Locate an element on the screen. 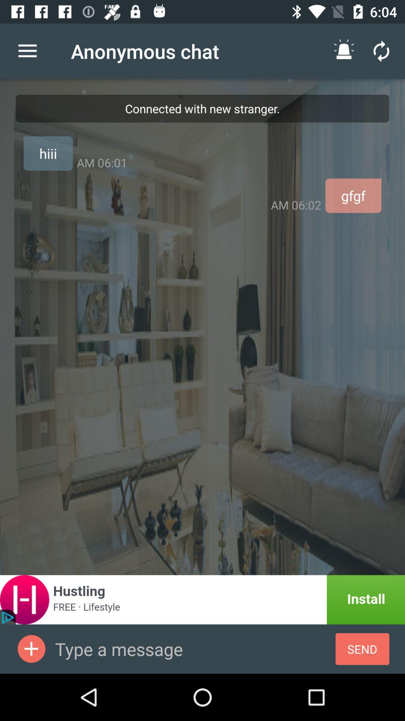  install app is located at coordinates (202, 599).